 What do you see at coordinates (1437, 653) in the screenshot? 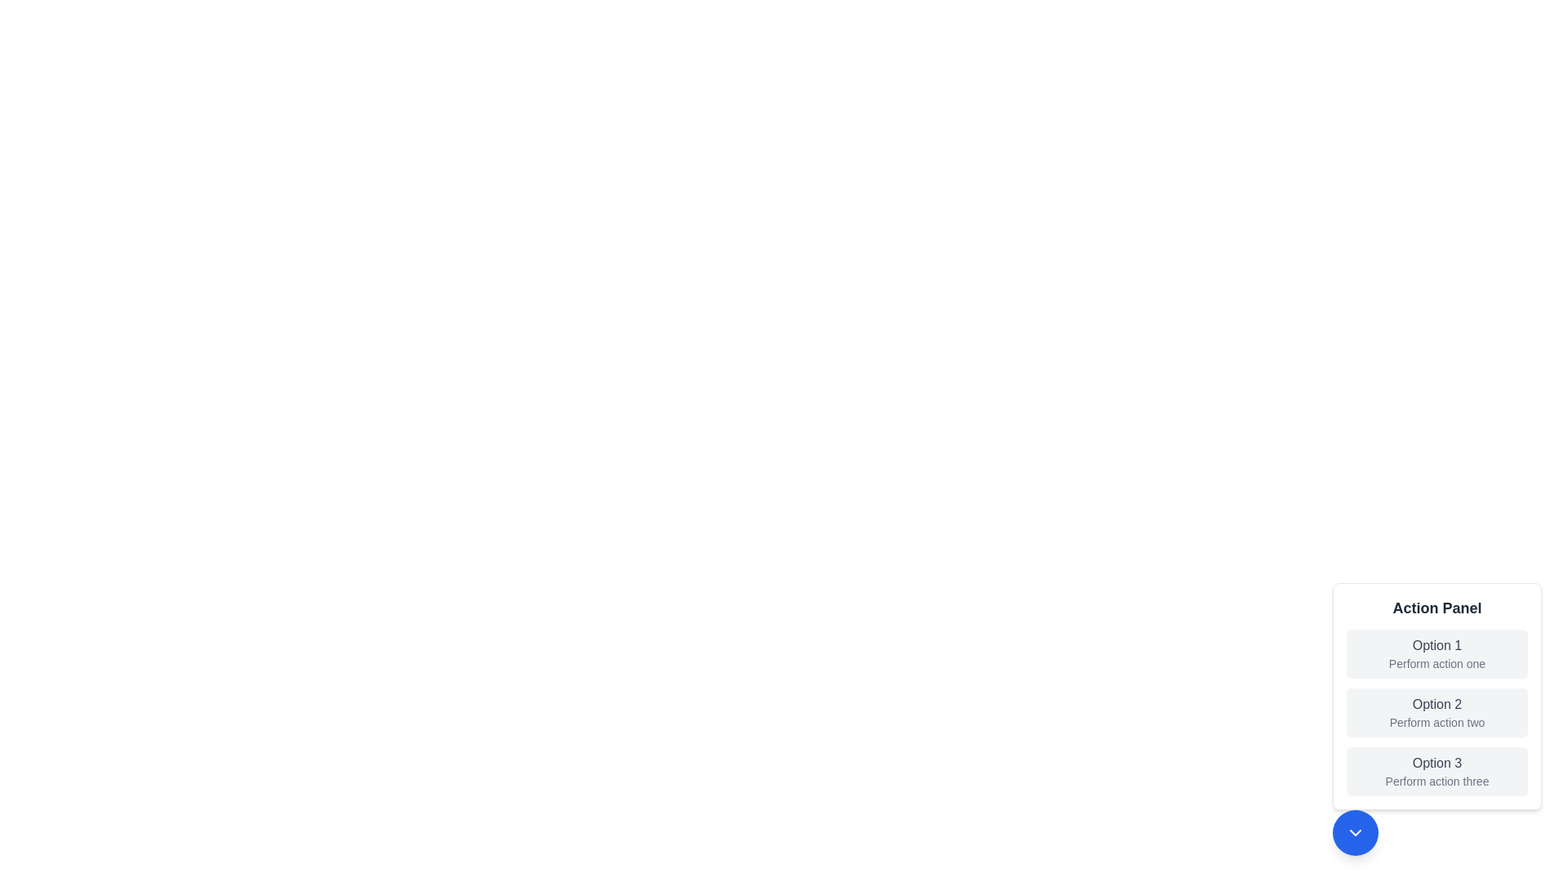
I see `the 'Option 1' button in the Action Panel` at bounding box center [1437, 653].